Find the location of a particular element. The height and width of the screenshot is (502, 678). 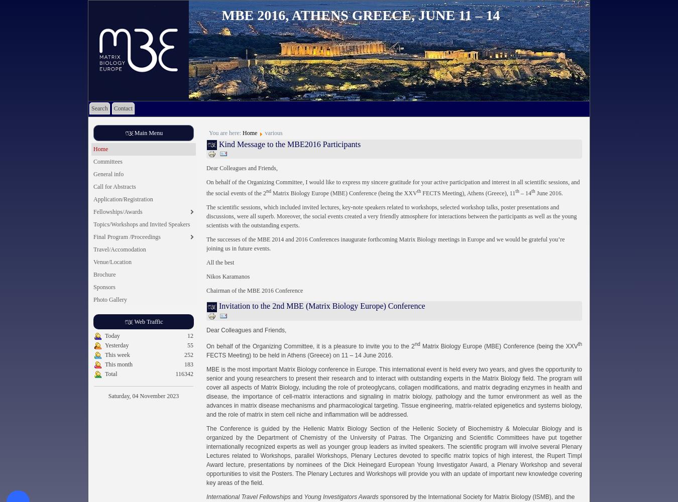

'Application/Registration' is located at coordinates (123, 199).